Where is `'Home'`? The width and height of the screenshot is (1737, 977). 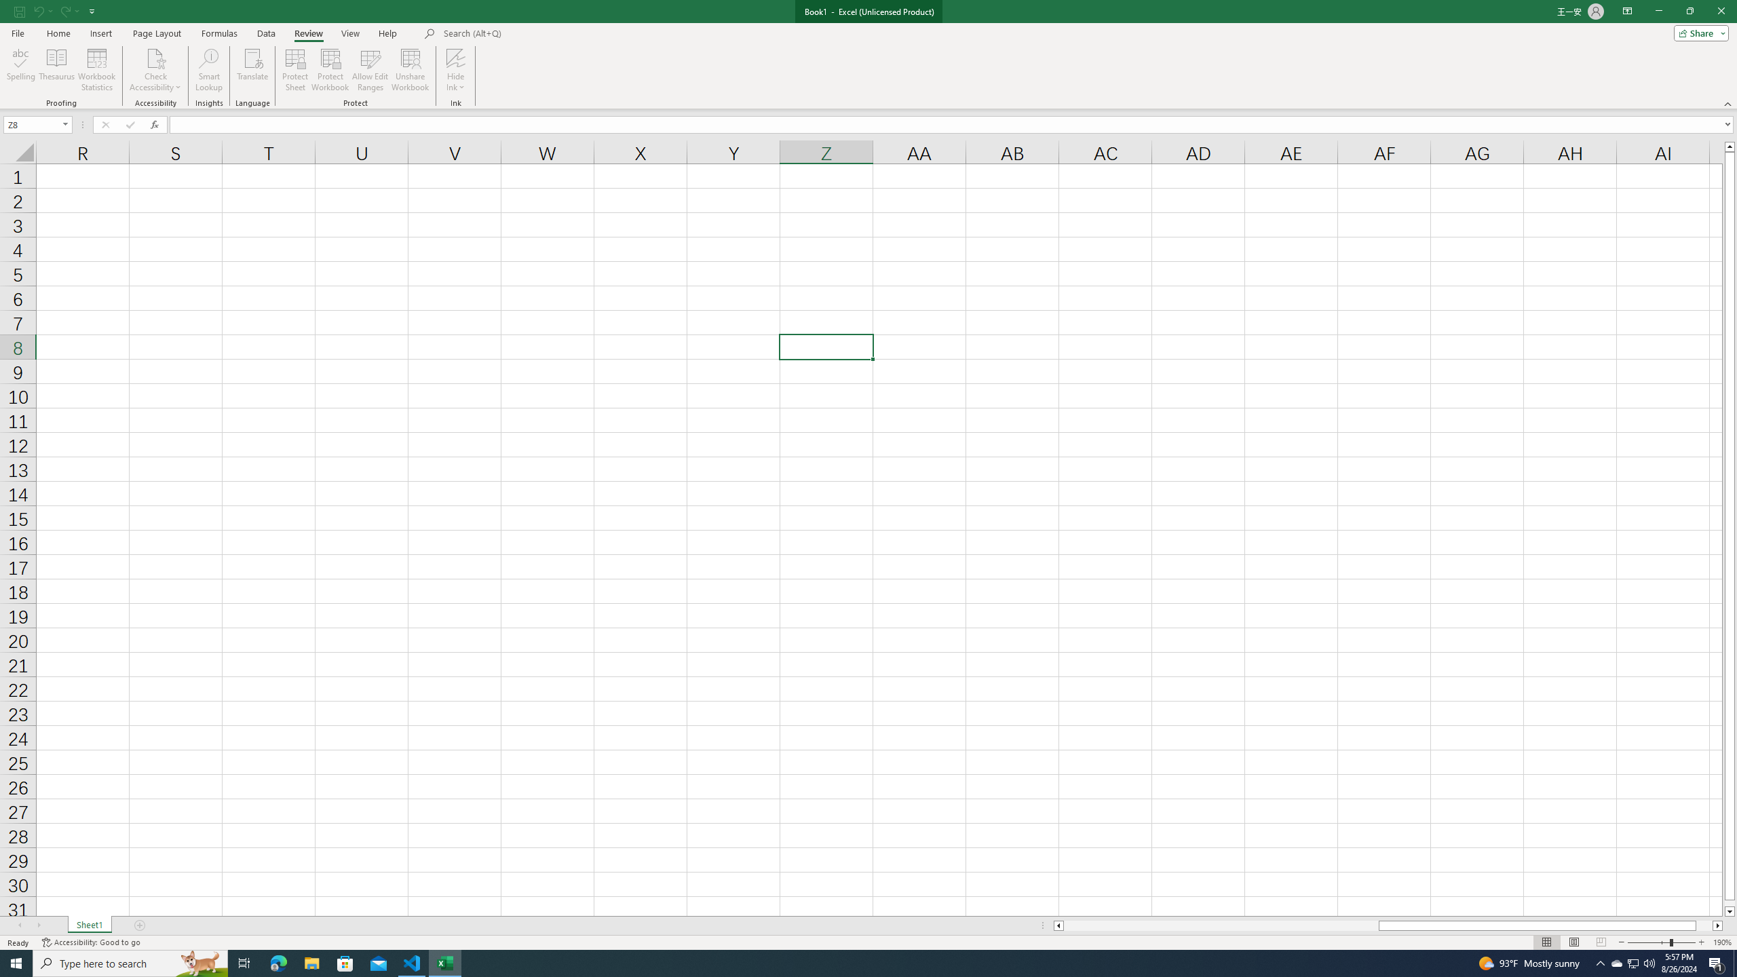 'Home' is located at coordinates (58, 33).